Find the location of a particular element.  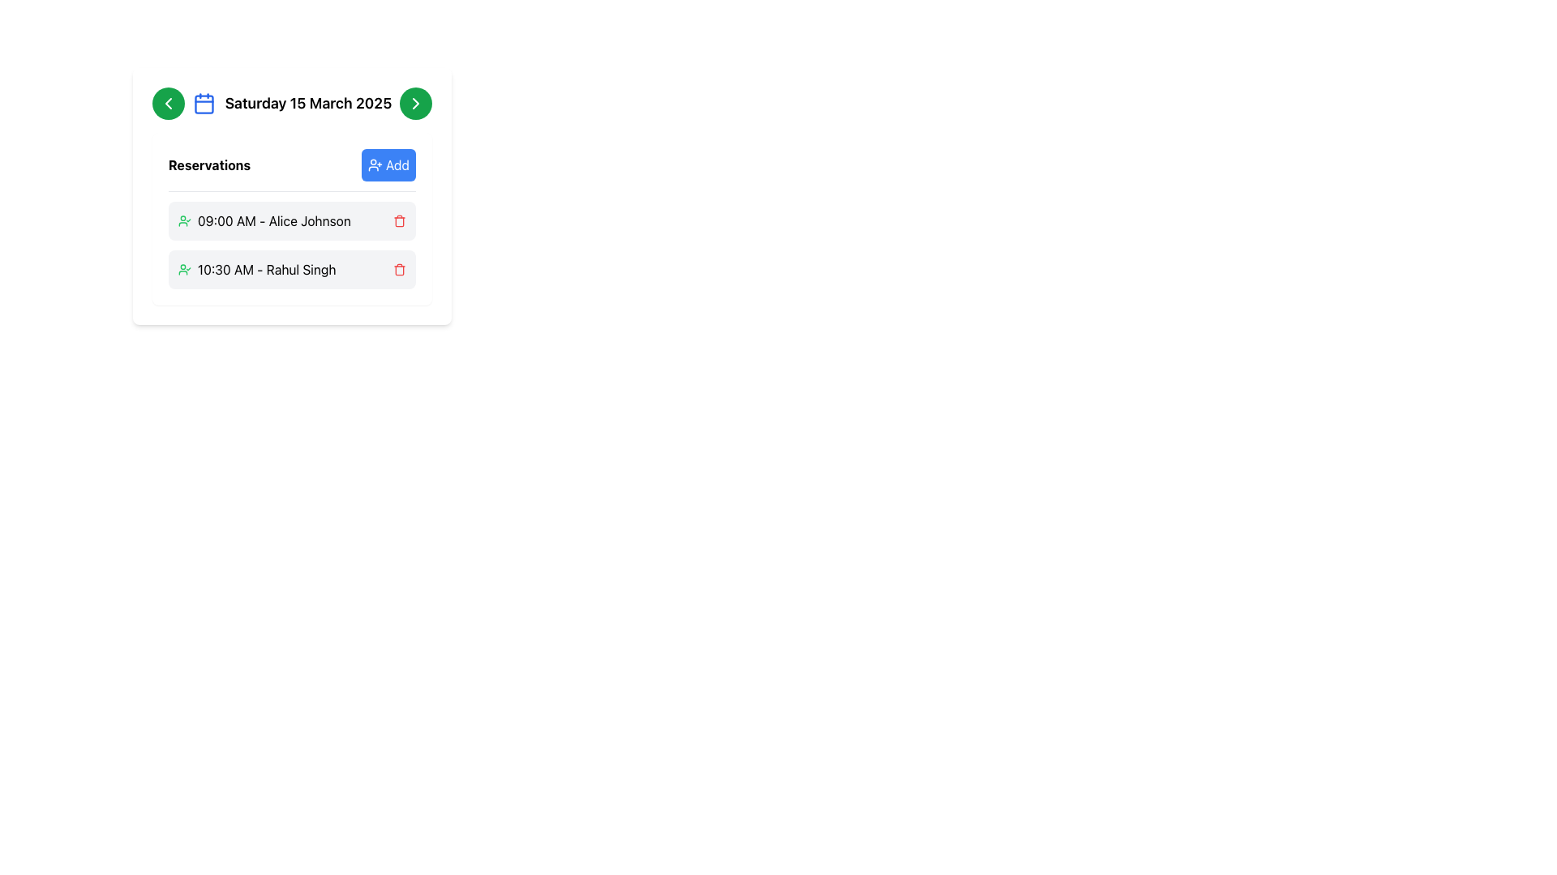

the navigation button located at the top-right corner of the header panel labeled 'Saturday 15 March 2025' is located at coordinates (416, 103).